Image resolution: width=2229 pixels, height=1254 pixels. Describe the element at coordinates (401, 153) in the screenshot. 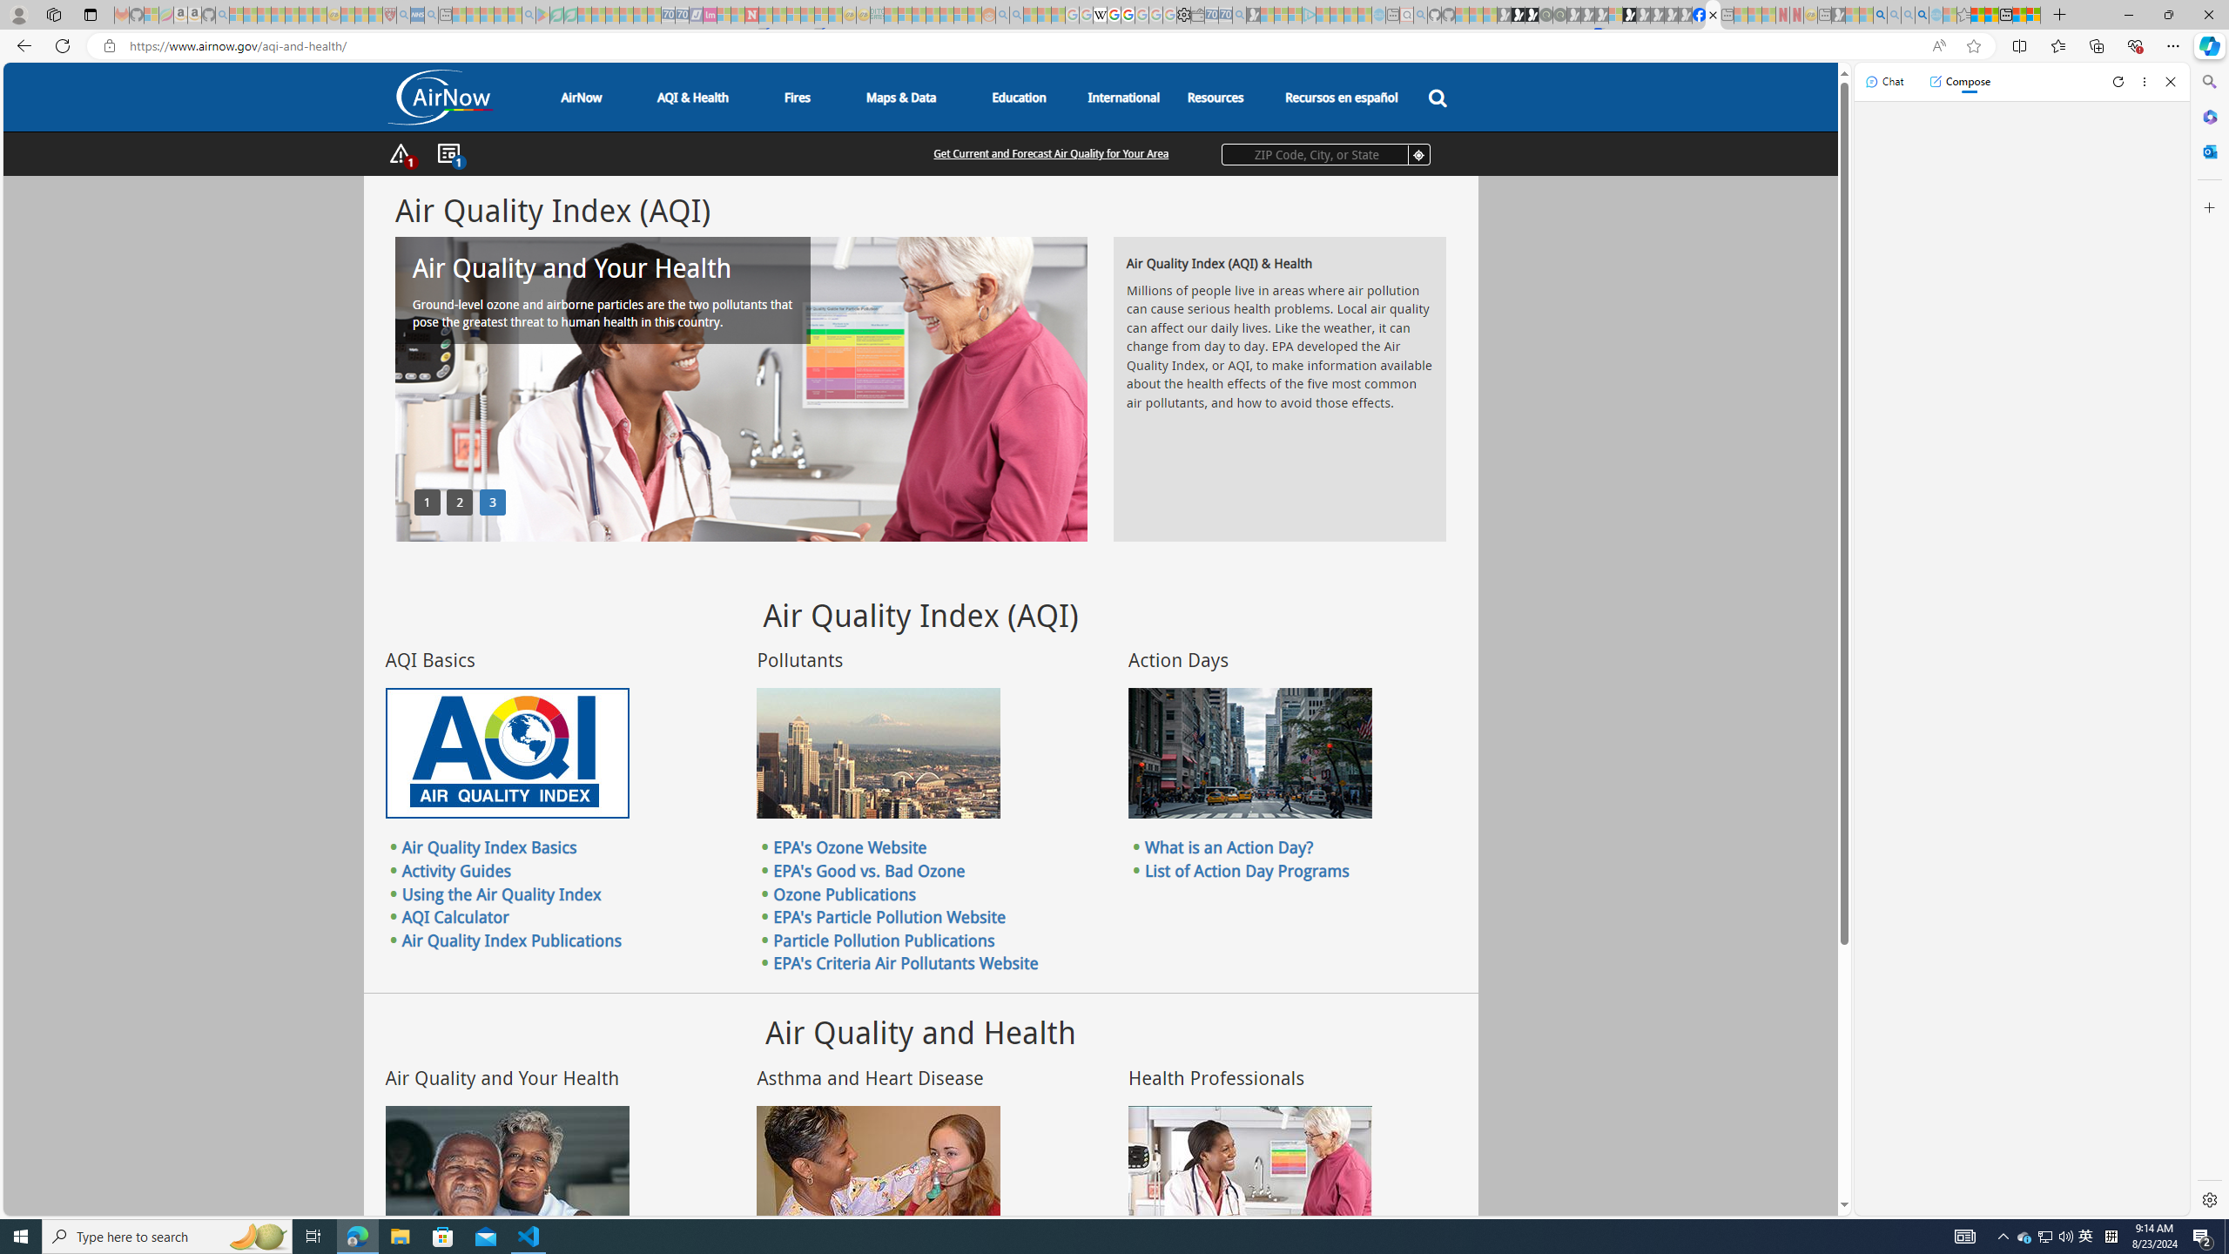

I see `'AutomationID: nav-alerts-toggle'` at that location.